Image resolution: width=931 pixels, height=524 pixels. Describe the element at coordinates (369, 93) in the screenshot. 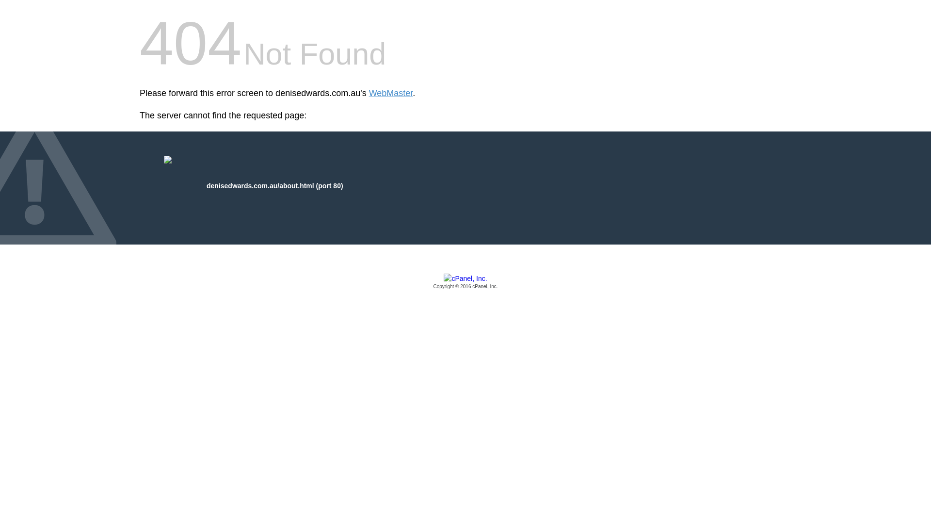

I see `'WebMaster'` at that location.